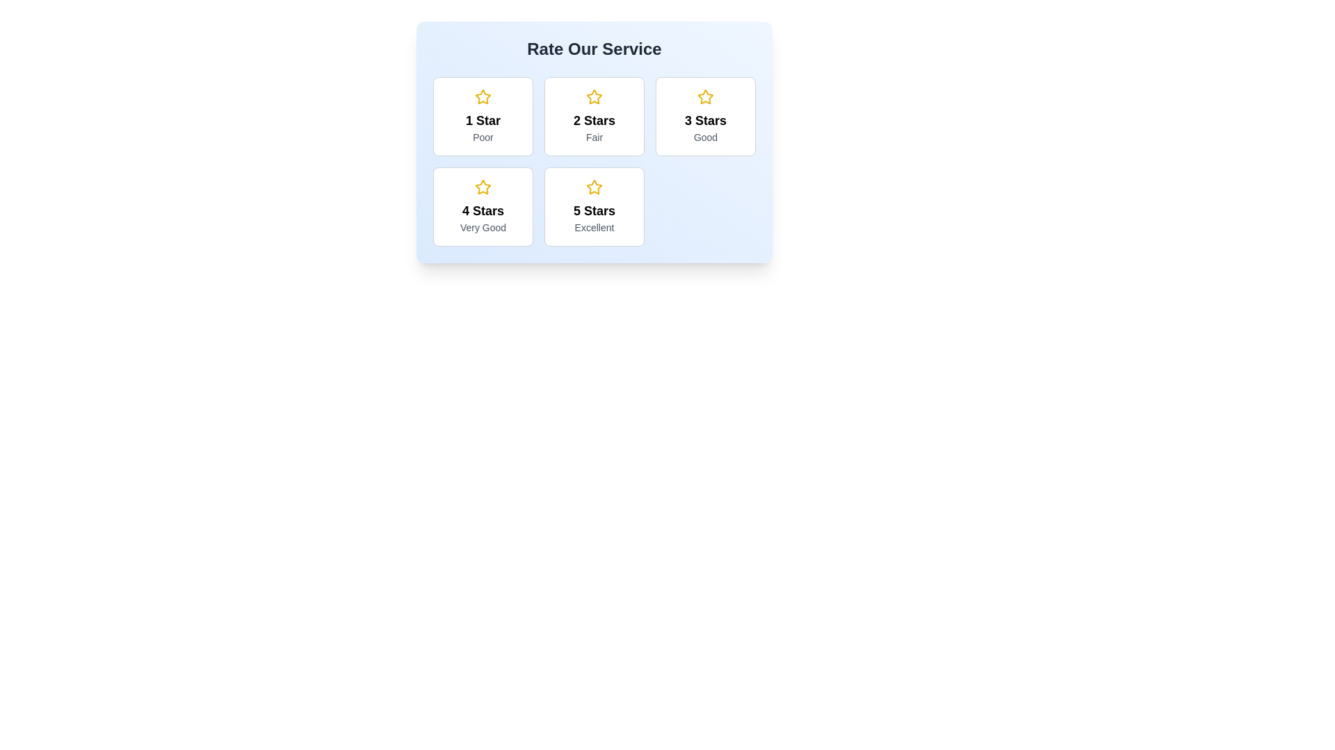 Image resolution: width=1335 pixels, height=750 pixels. Describe the element at coordinates (705, 96) in the screenshot. I see `the third star icon in the rating system` at that location.